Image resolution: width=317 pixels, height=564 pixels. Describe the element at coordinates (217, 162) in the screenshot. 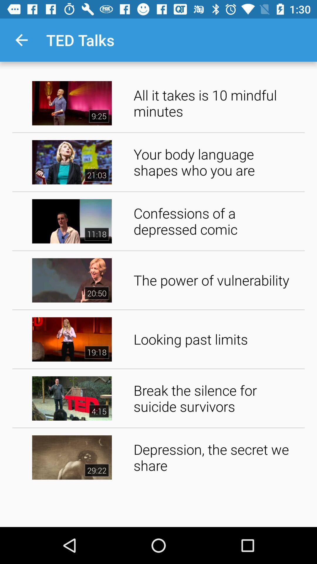

I see `icon below the all it takes icon` at that location.